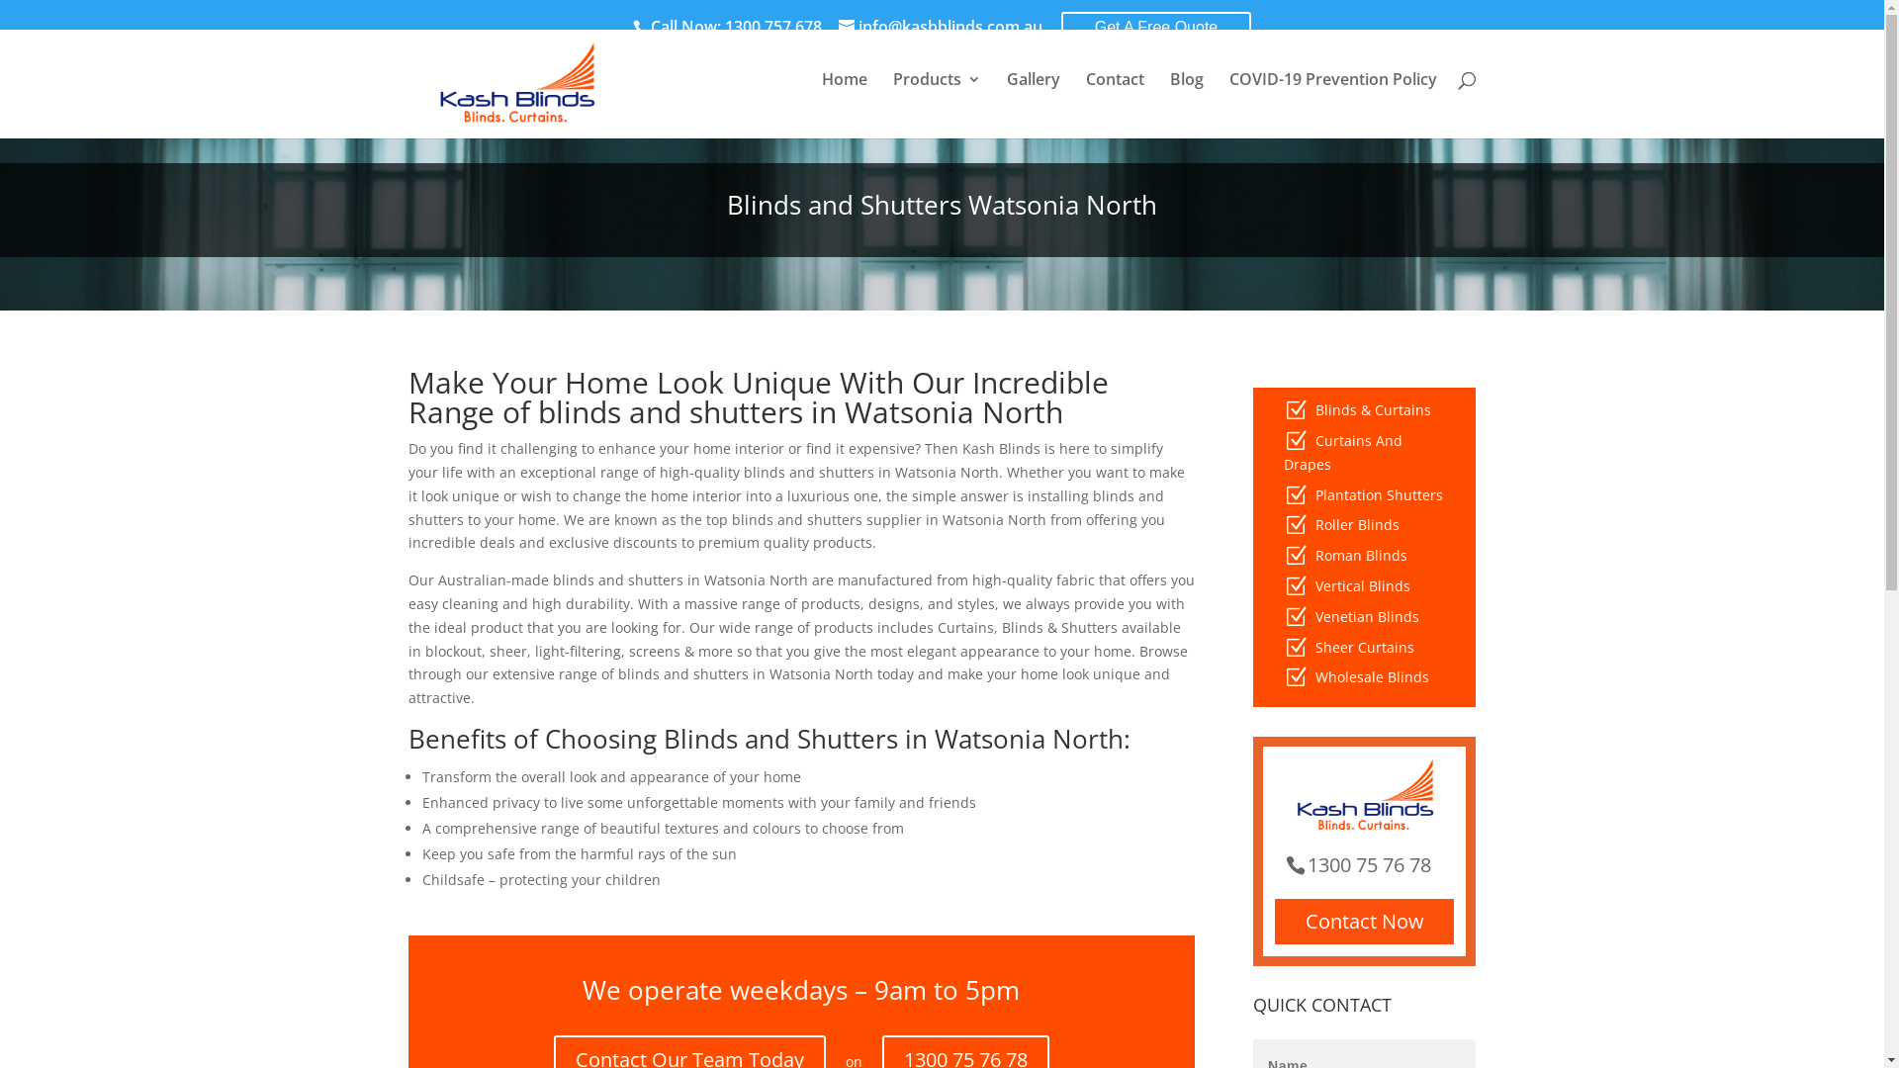 This screenshot has height=1068, width=1899. Describe the element at coordinates (410, 82) in the screenshot. I see `'Shutters, Curtains and Blinds in Epping, Melbourne'` at that location.